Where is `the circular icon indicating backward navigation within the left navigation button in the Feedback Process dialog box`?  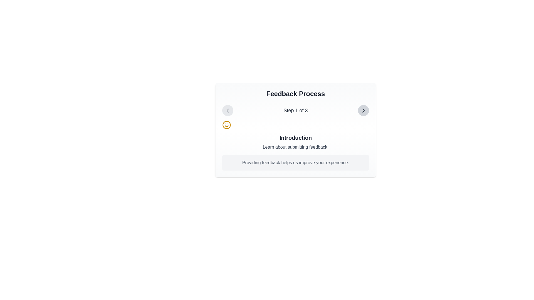 the circular icon indicating backward navigation within the left navigation button in the Feedback Process dialog box is located at coordinates (228, 110).